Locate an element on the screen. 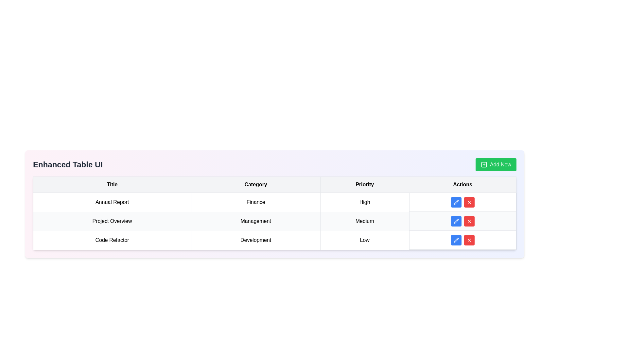 This screenshot has width=628, height=353. text 'Title' from the first Table Header Cell with a light gray background and bolded text, located at the top of the tabular structure is located at coordinates (112, 184).